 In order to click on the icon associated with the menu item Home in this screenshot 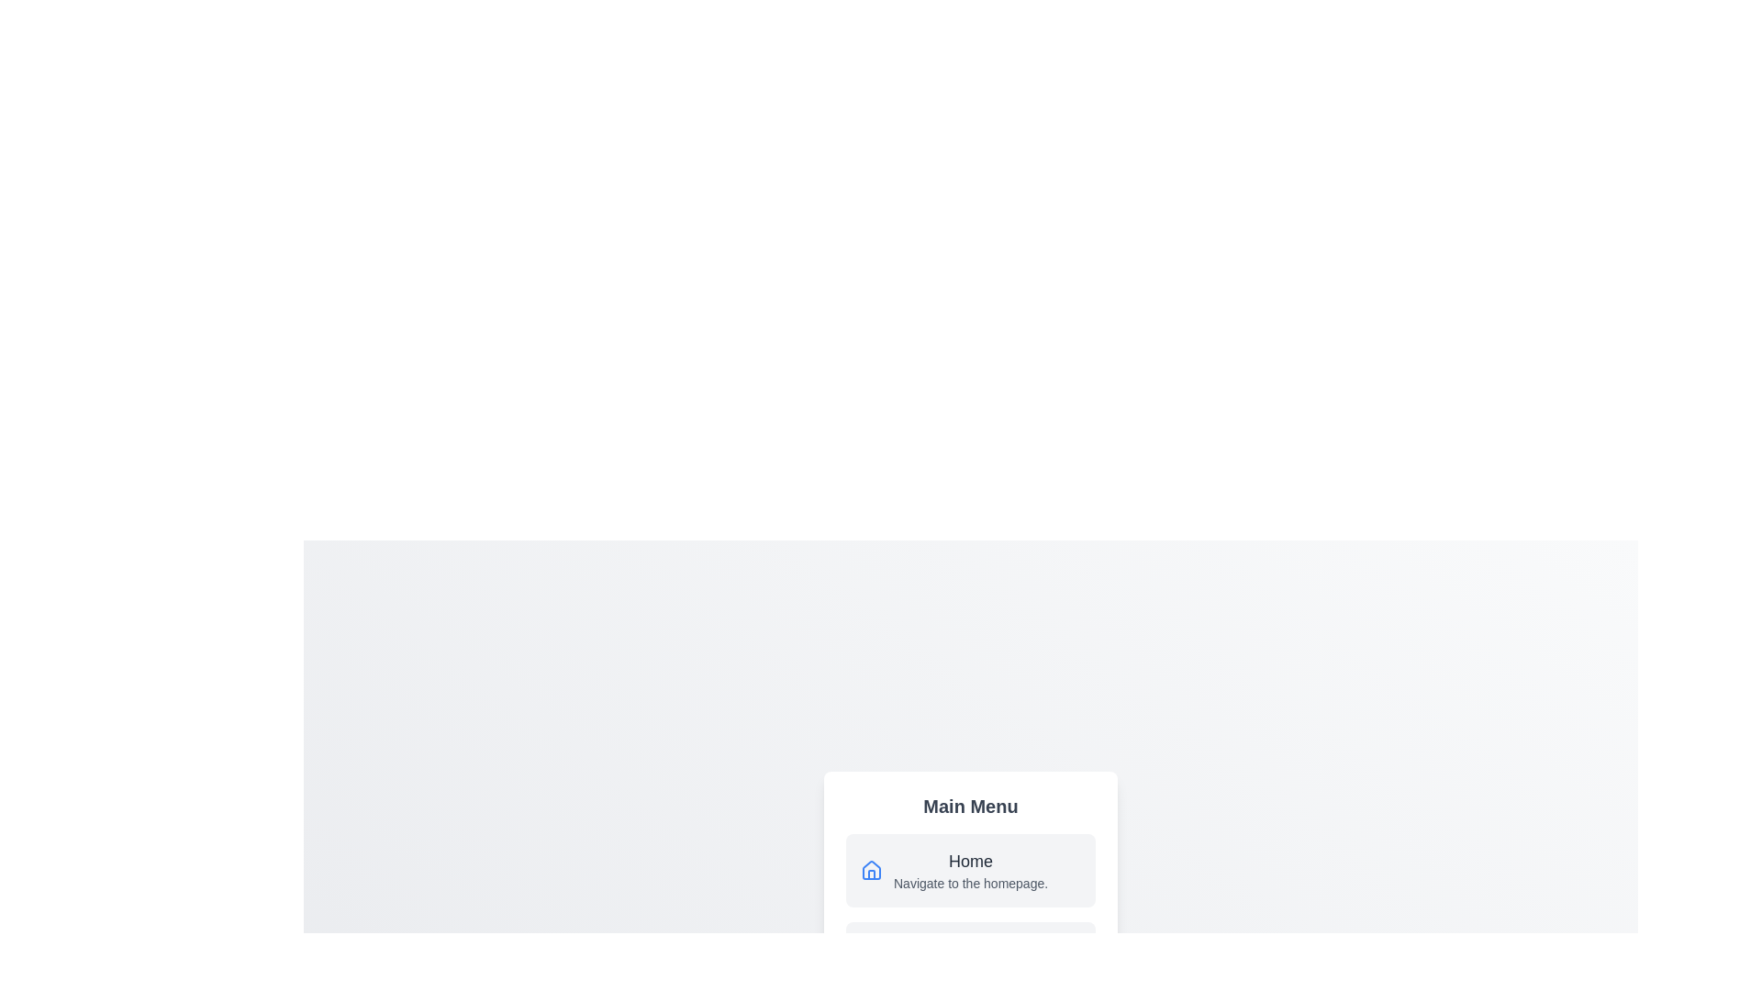, I will do `click(871, 869)`.